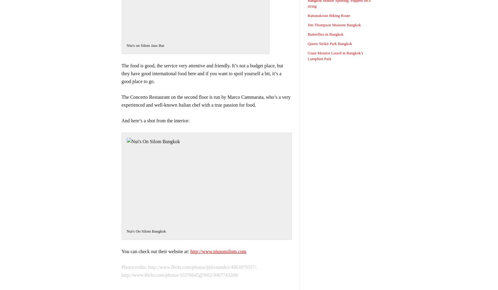 The height and width of the screenshot is (290, 498). What do you see at coordinates (334, 25) in the screenshot?
I see `'Jim Thompson Museum Bangkok'` at bounding box center [334, 25].